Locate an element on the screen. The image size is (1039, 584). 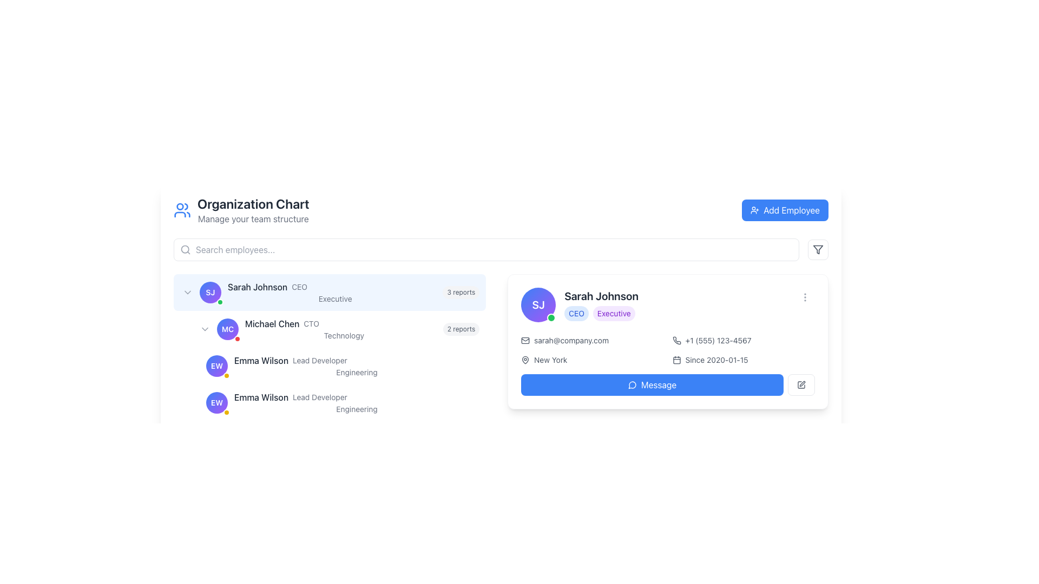
the Text Display Component that provides information about an employee, specifically located below 'Michael Chen' in the organizational chart structure is located at coordinates (357, 366).